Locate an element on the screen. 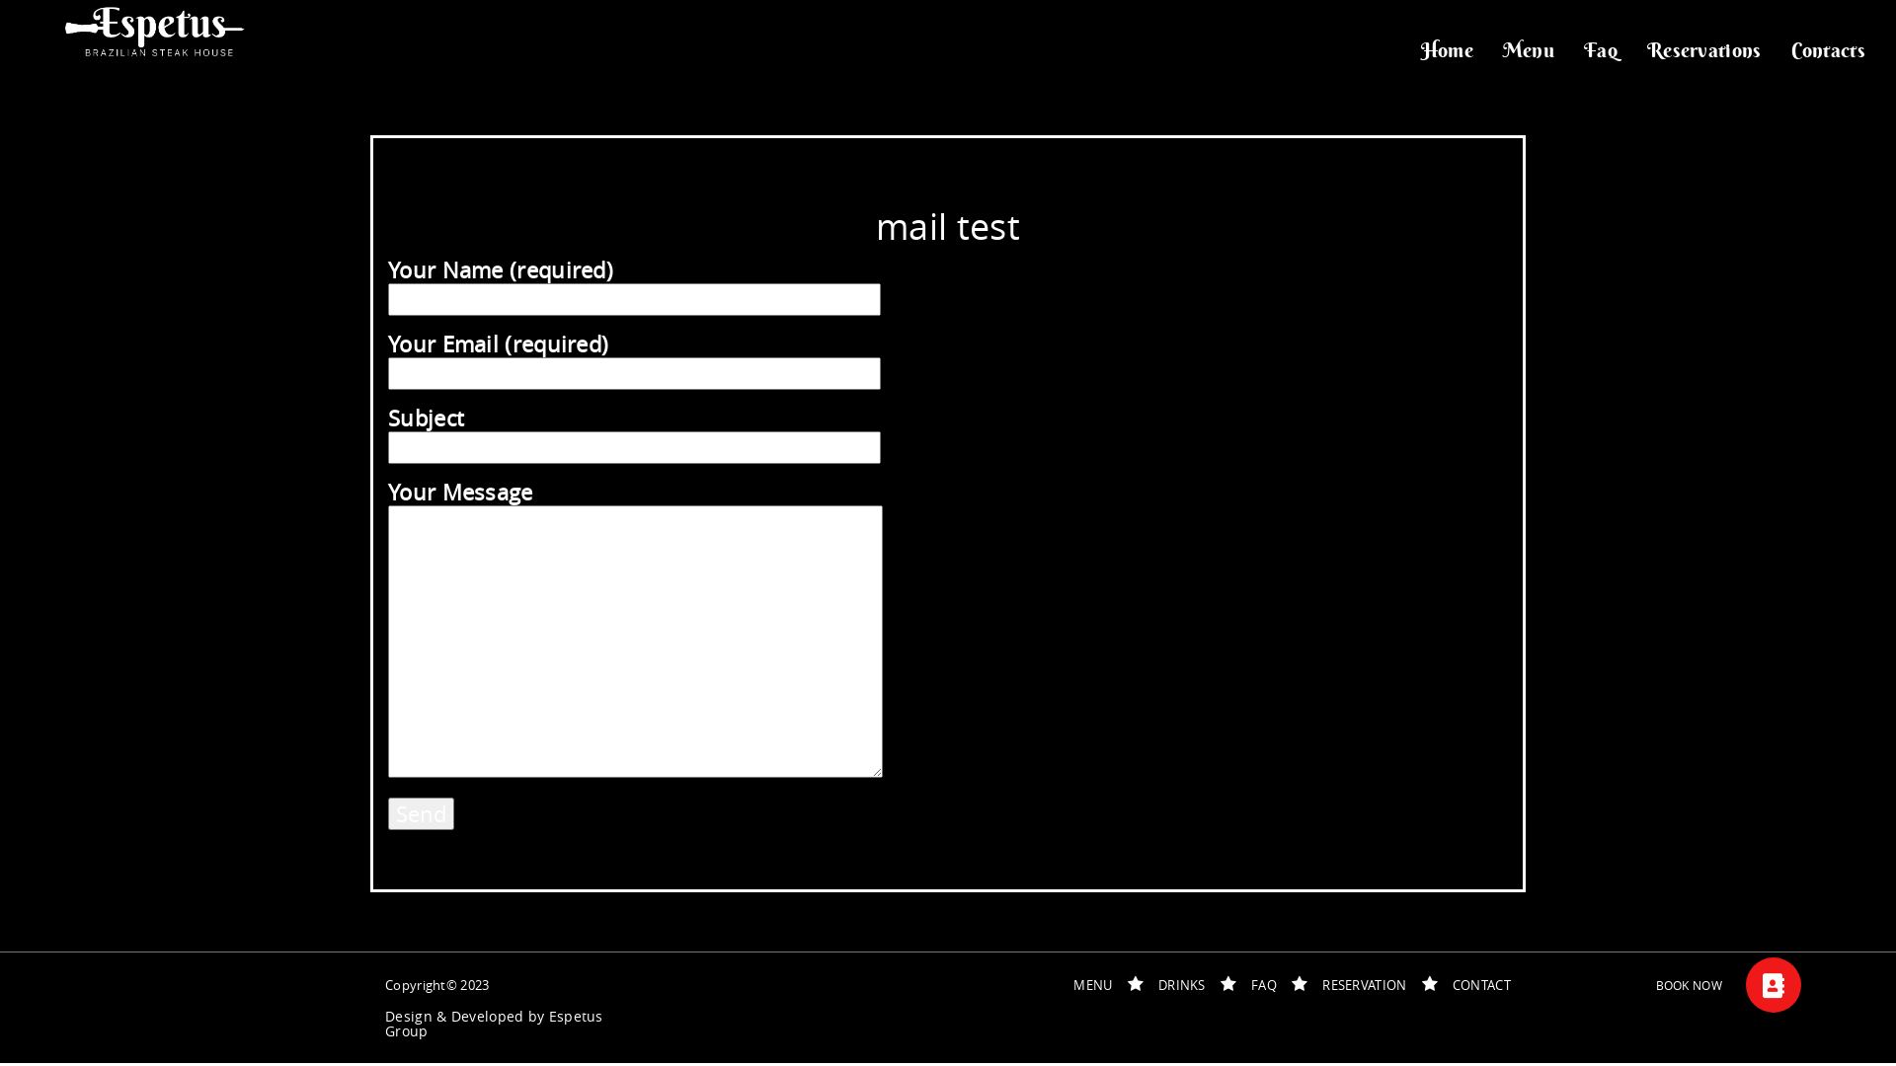  'DRINKS' is located at coordinates (1181, 985).